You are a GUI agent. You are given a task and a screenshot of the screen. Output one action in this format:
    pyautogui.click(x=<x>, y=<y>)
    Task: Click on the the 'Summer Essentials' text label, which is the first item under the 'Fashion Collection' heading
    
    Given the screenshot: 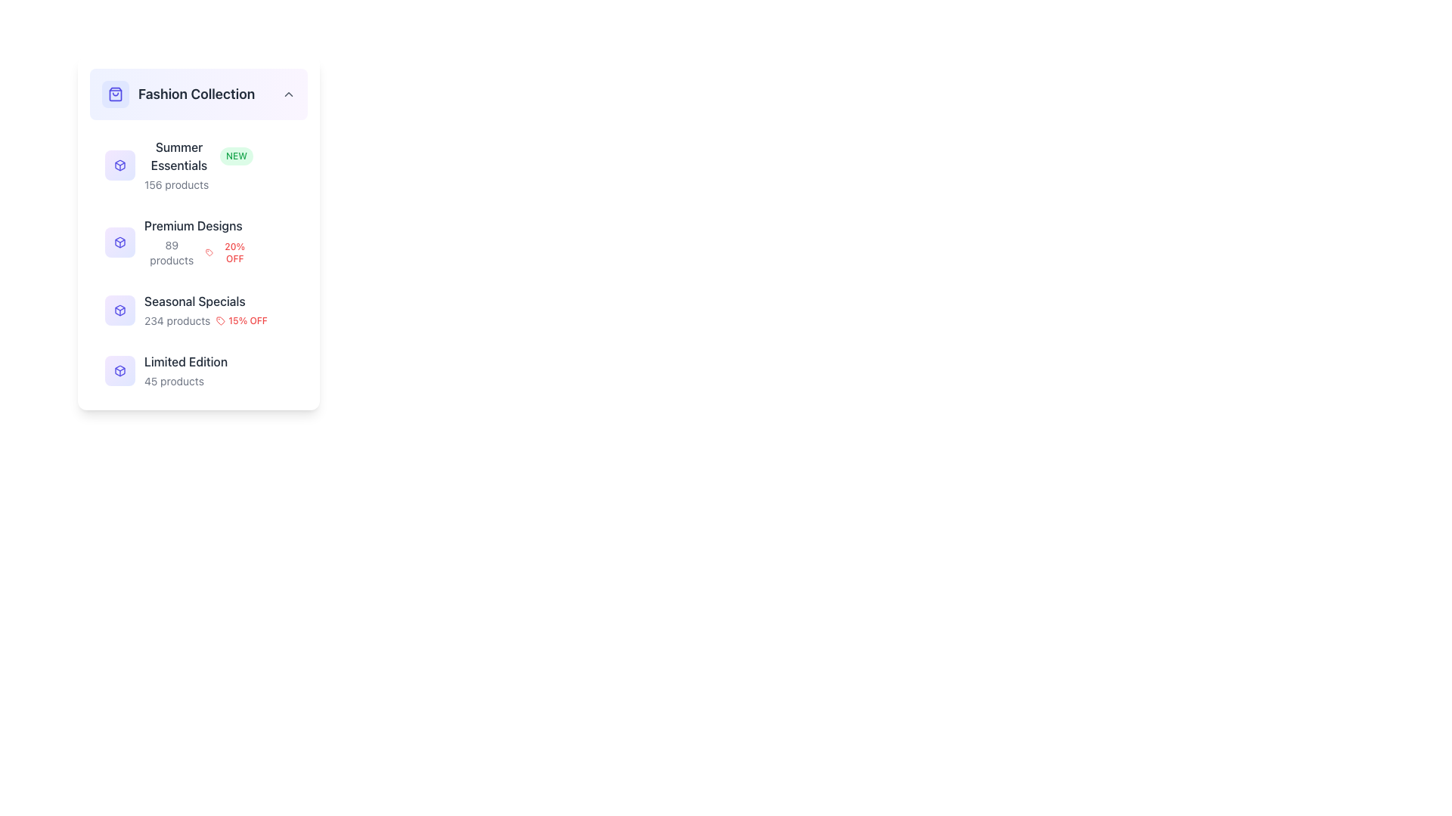 What is the action you would take?
    pyautogui.click(x=178, y=156)
    